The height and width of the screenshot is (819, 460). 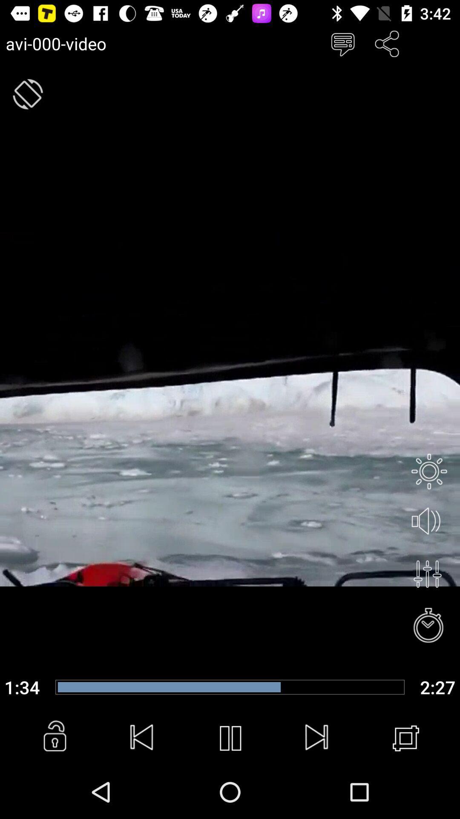 I want to click on the sliders icon, so click(x=427, y=574).